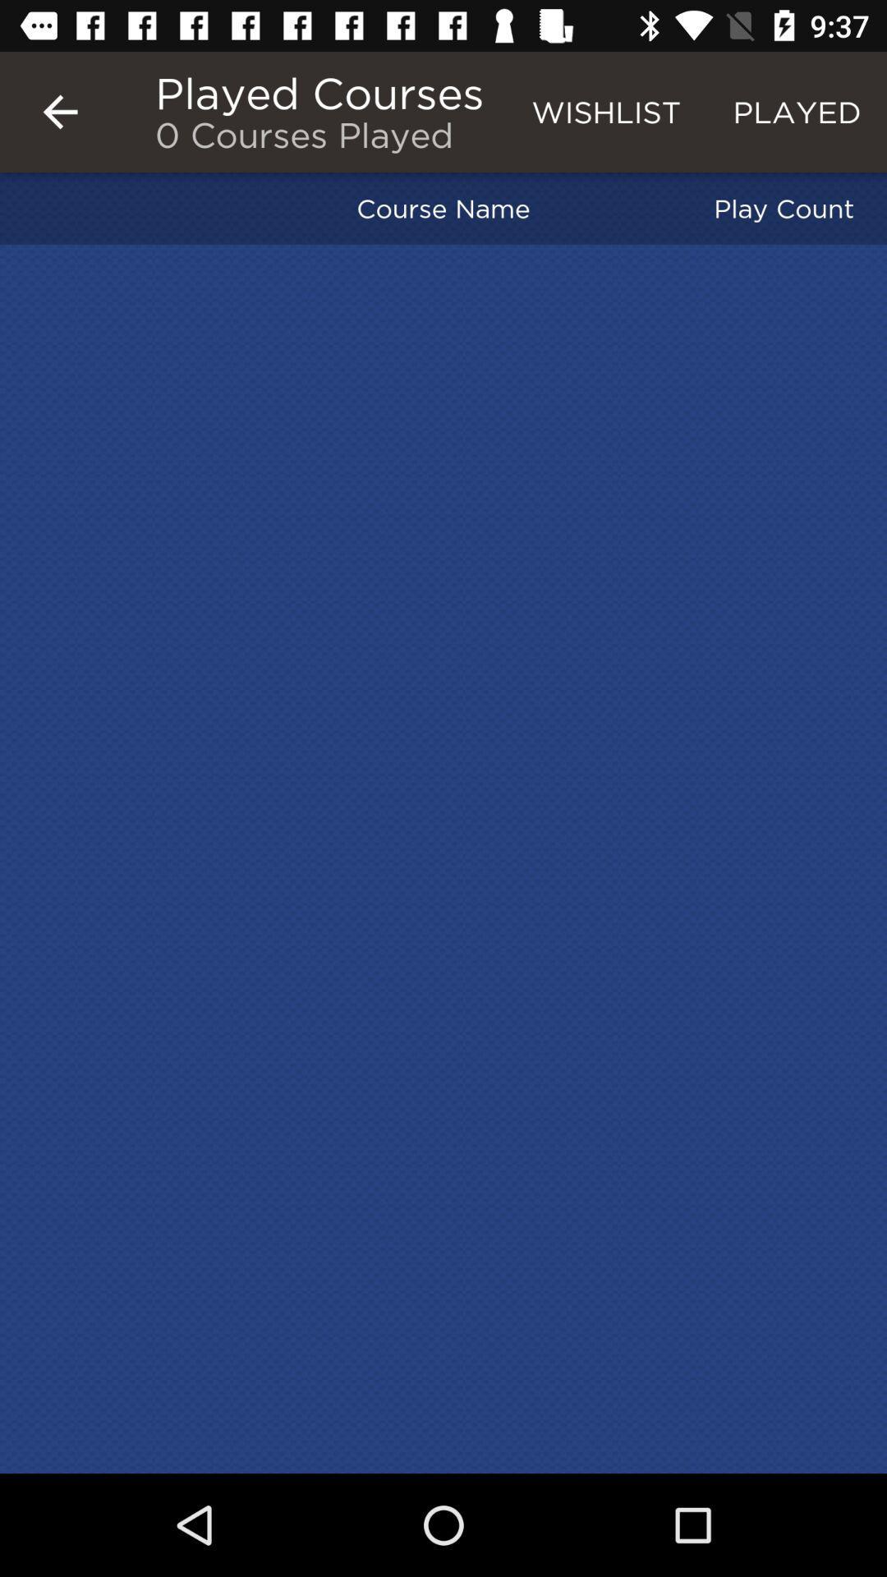  I want to click on the icon next to the played courses item, so click(606, 111).